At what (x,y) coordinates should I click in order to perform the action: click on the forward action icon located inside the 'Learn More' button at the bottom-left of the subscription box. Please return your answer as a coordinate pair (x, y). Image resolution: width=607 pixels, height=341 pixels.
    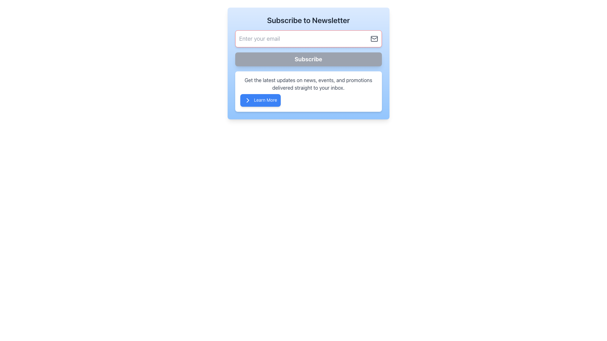
    Looking at the image, I should click on (247, 100).